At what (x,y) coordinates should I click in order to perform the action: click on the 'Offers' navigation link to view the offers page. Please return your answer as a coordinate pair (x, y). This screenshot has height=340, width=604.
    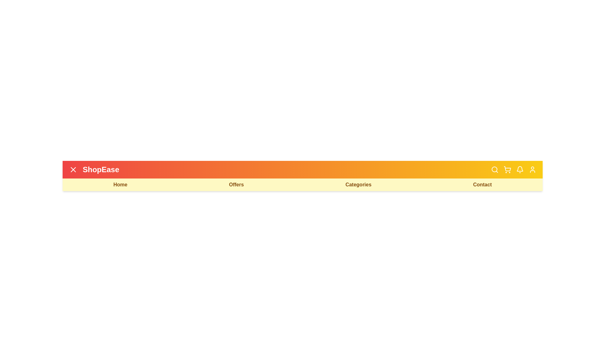
    Looking at the image, I should click on (236, 184).